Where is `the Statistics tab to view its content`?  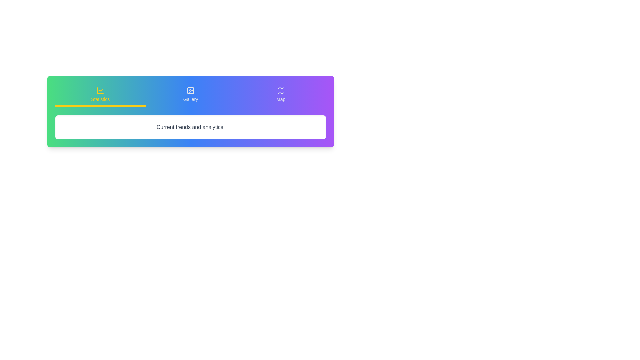
the Statistics tab to view its content is located at coordinates (100, 95).